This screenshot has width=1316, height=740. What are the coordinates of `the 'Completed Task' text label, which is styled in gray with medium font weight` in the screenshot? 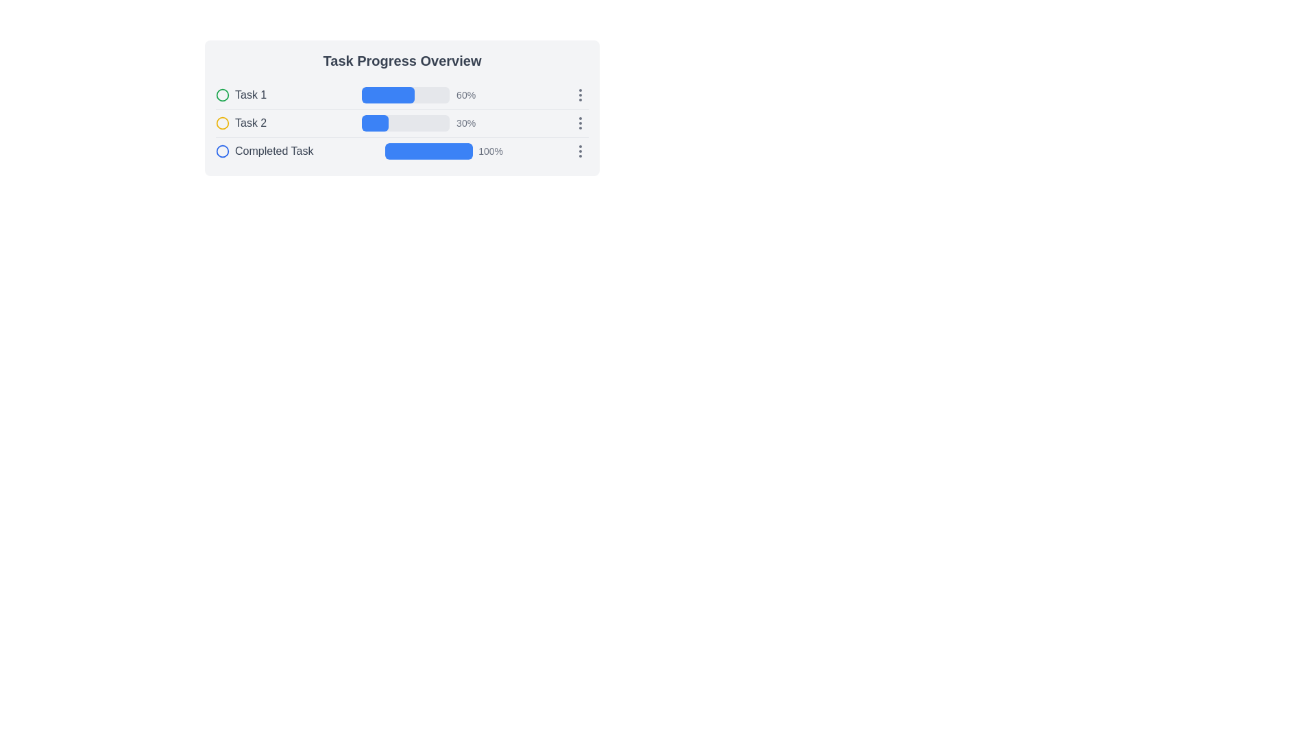 It's located at (274, 151).